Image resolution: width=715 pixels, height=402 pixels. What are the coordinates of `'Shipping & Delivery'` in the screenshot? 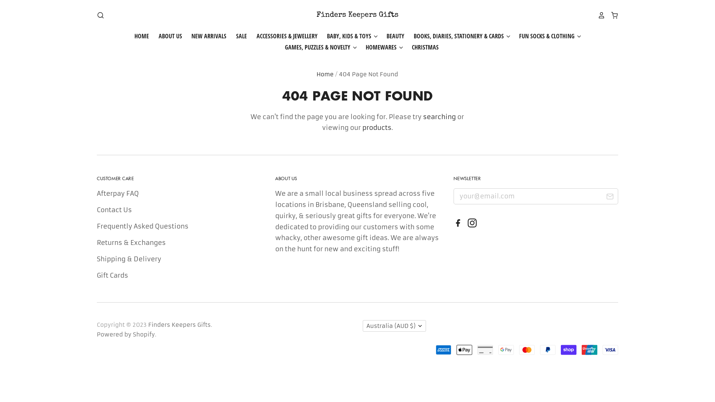 It's located at (129, 258).